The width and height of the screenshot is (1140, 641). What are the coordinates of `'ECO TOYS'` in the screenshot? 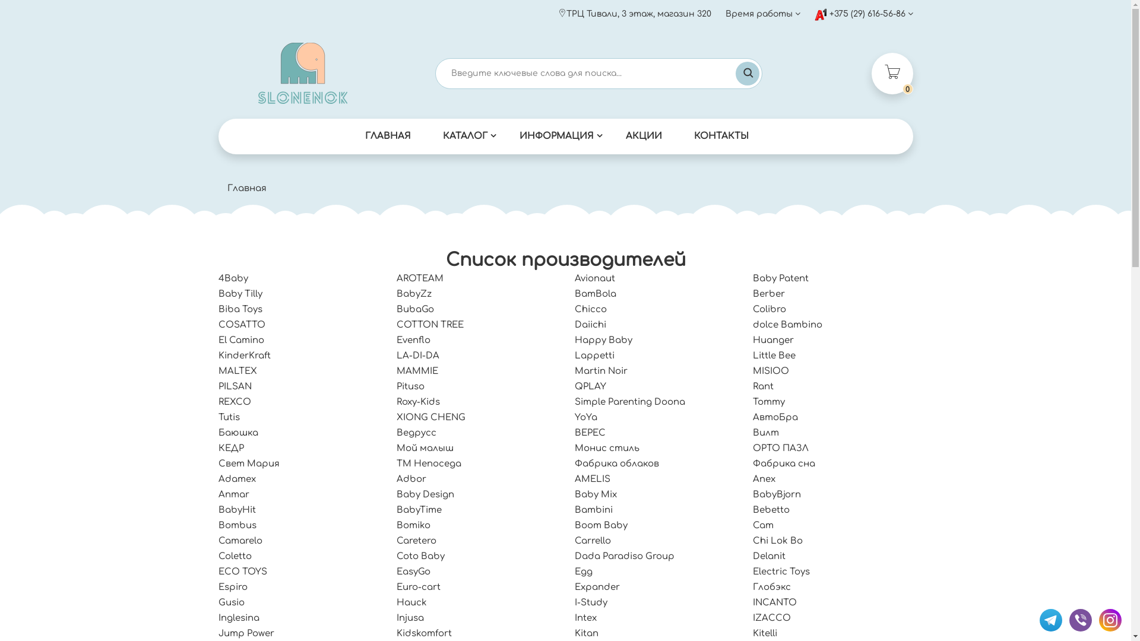 It's located at (242, 571).